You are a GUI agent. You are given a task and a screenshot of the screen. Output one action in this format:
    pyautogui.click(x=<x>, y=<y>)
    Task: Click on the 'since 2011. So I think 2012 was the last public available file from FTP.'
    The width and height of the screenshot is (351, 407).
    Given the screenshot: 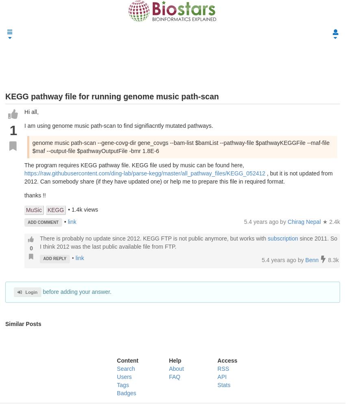 What is the action you would take?
    pyautogui.click(x=188, y=242)
    